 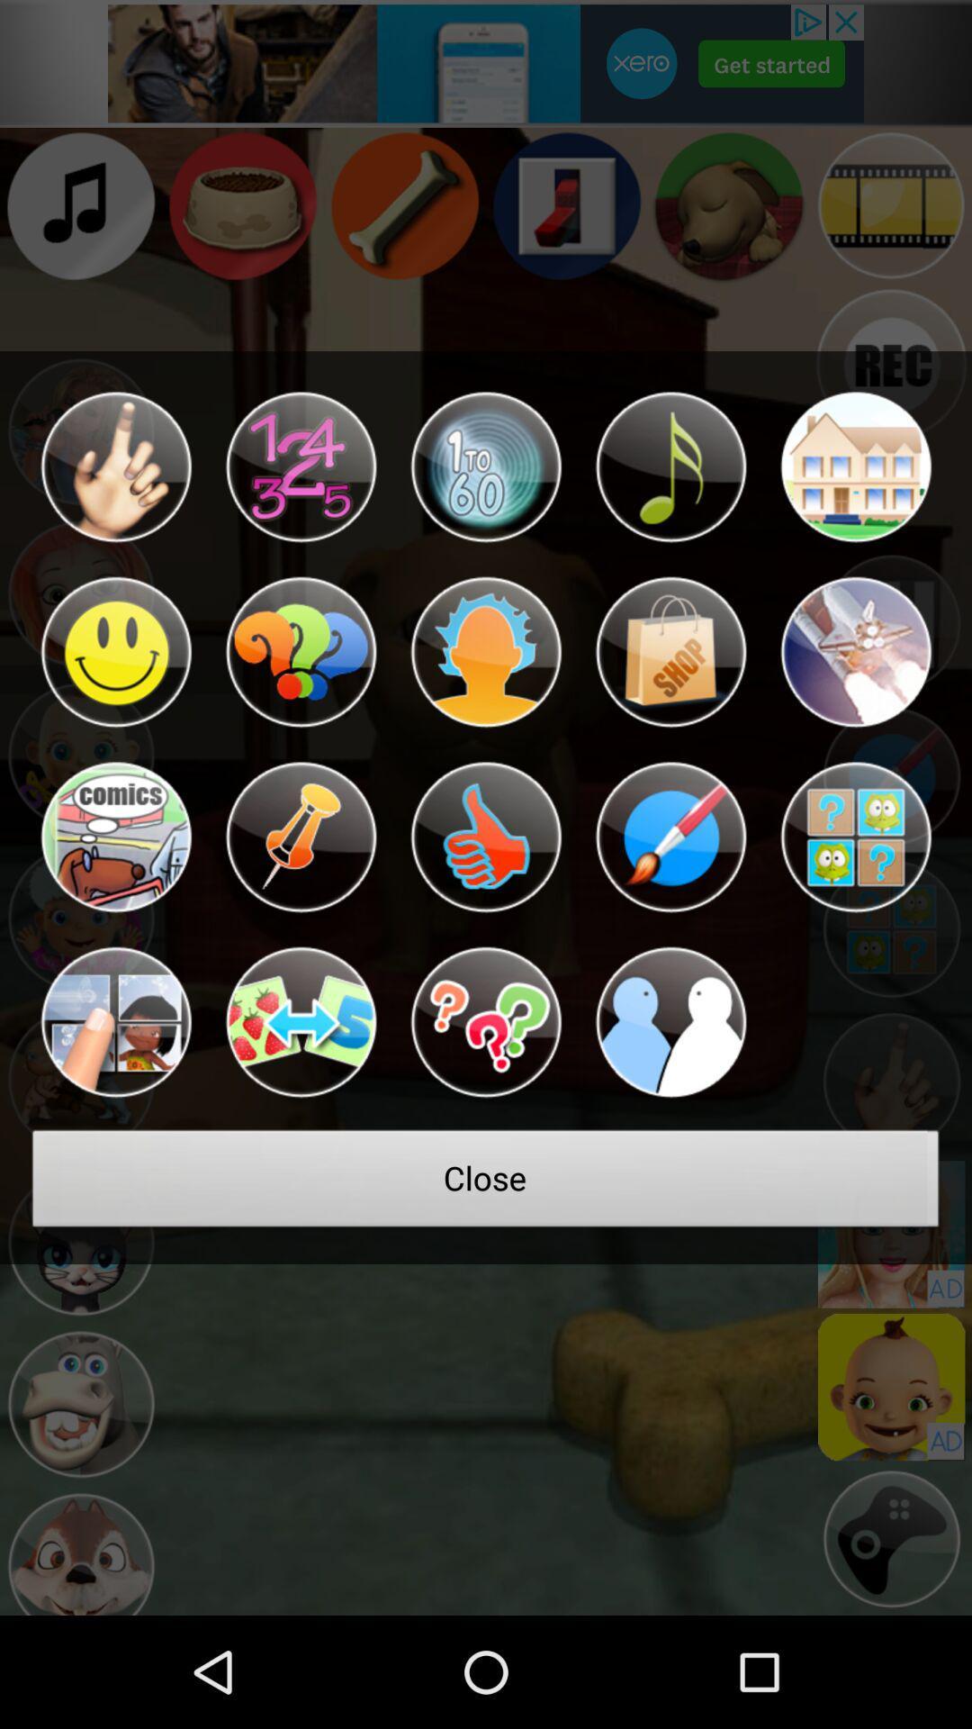 I want to click on the thumbs_up icon, so click(x=486, y=896).